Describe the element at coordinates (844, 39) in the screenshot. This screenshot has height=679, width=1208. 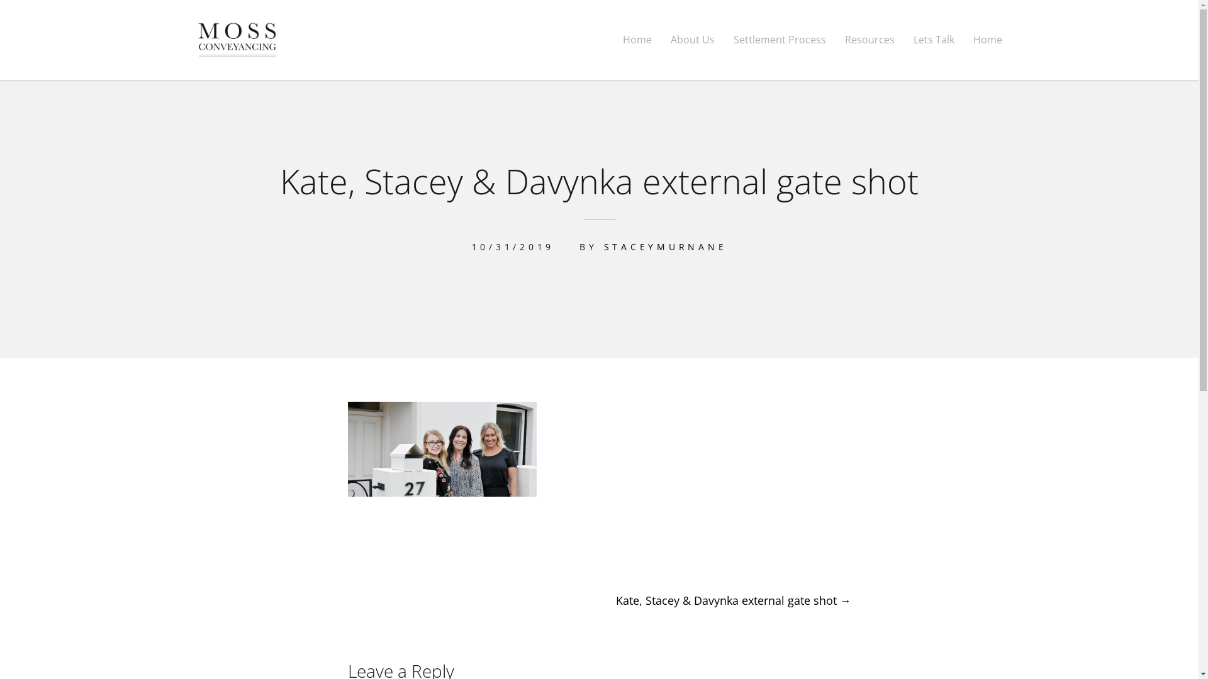
I see `'Resources'` at that location.